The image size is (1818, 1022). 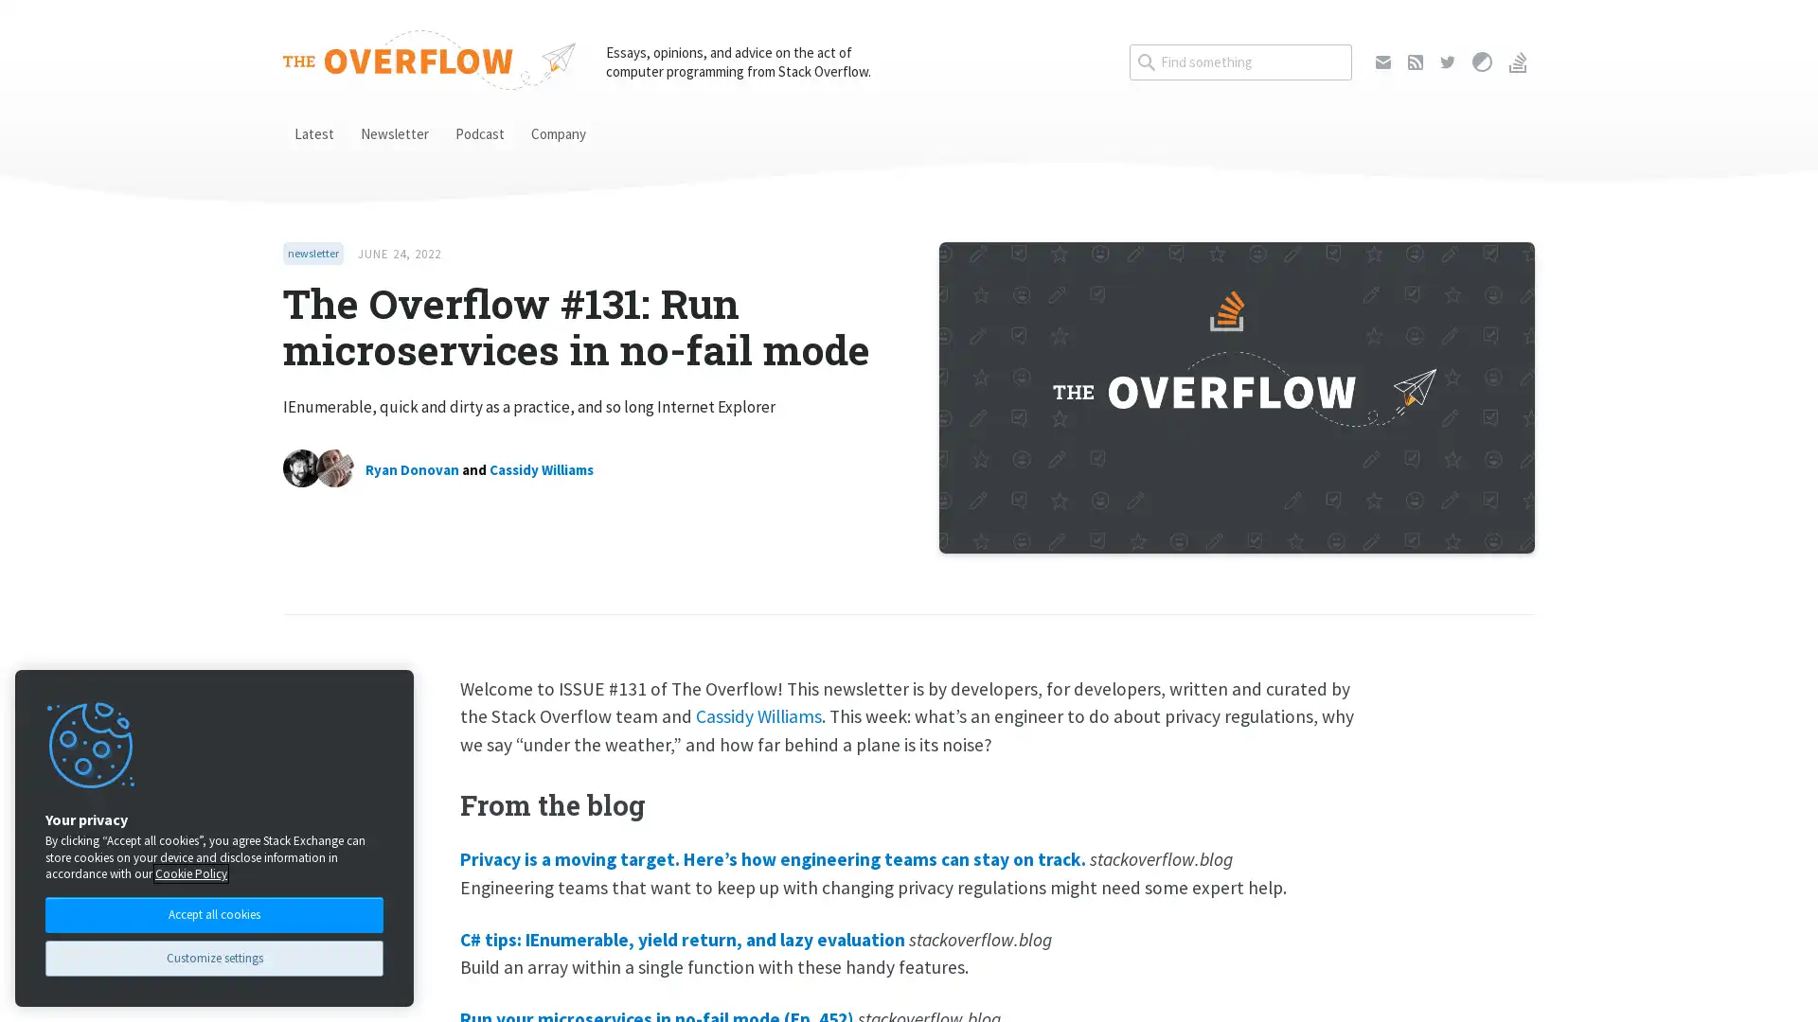 What do you see at coordinates (214, 912) in the screenshot?
I see `Accept all cookies` at bounding box center [214, 912].